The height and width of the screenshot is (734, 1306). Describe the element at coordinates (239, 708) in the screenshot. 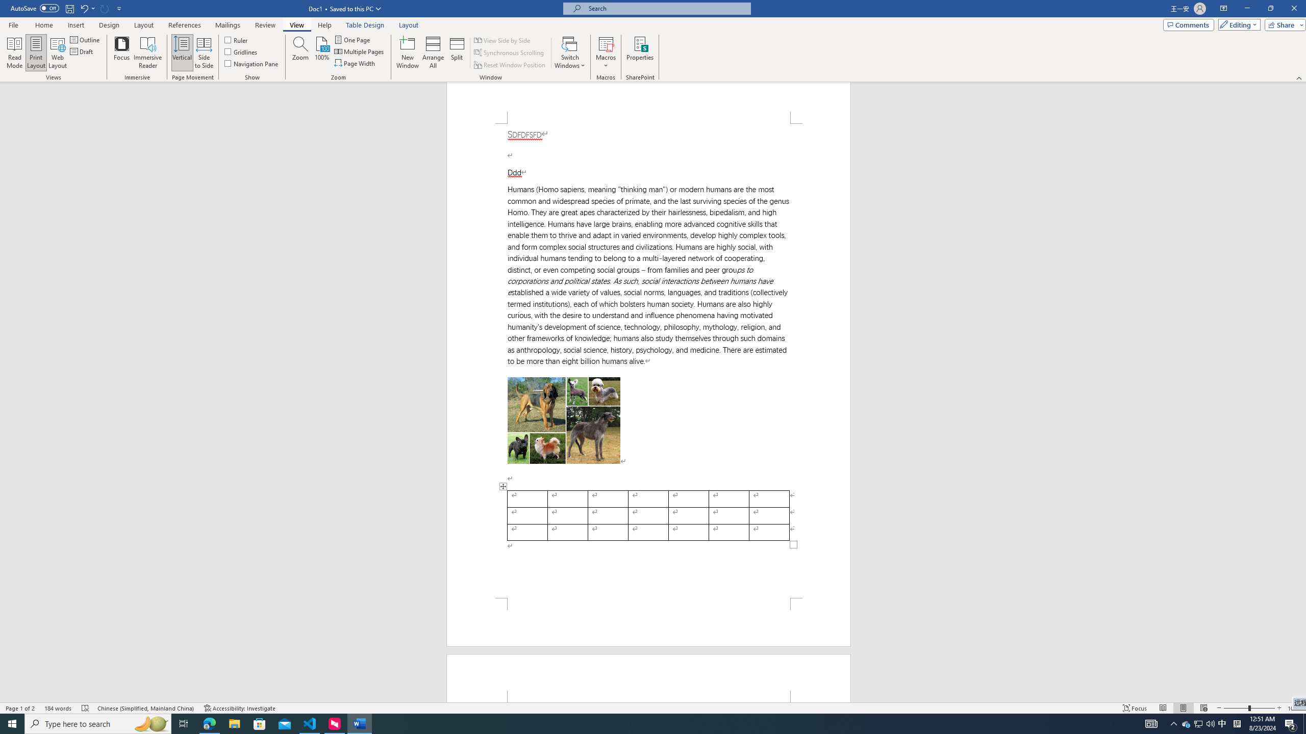

I see `'Accessibility Checker Accessibility: Investigate'` at that location.